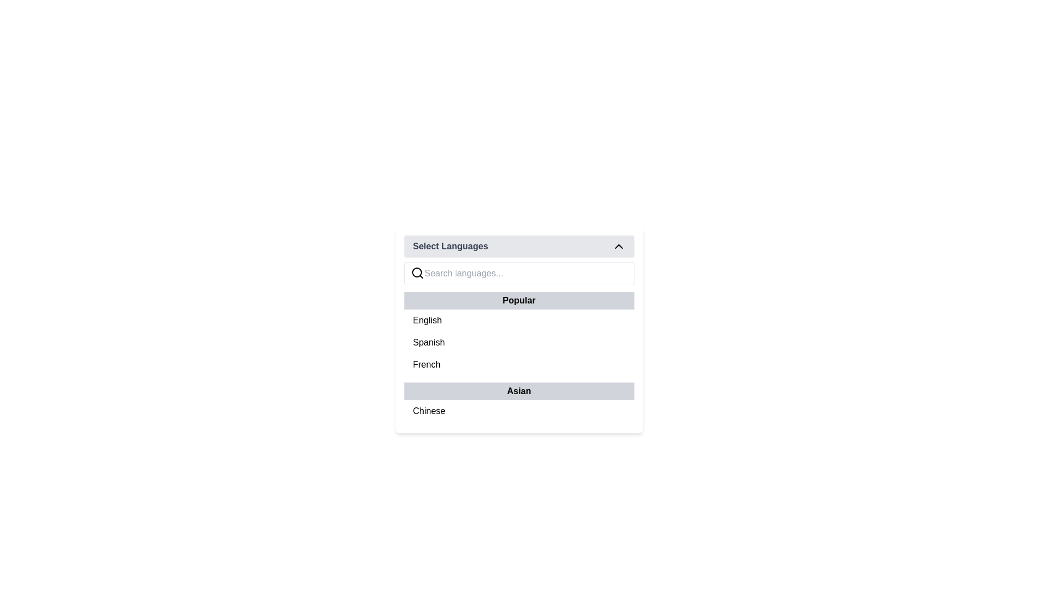 The height and width of the screenshot is (597, 1062). What do you see at coordinates (428, 342) in the screenshot?
I see `the clickable list item labeled 'Spanish' in the dropdown menu under the 'Popular' section` at bounding box center [428, 342].